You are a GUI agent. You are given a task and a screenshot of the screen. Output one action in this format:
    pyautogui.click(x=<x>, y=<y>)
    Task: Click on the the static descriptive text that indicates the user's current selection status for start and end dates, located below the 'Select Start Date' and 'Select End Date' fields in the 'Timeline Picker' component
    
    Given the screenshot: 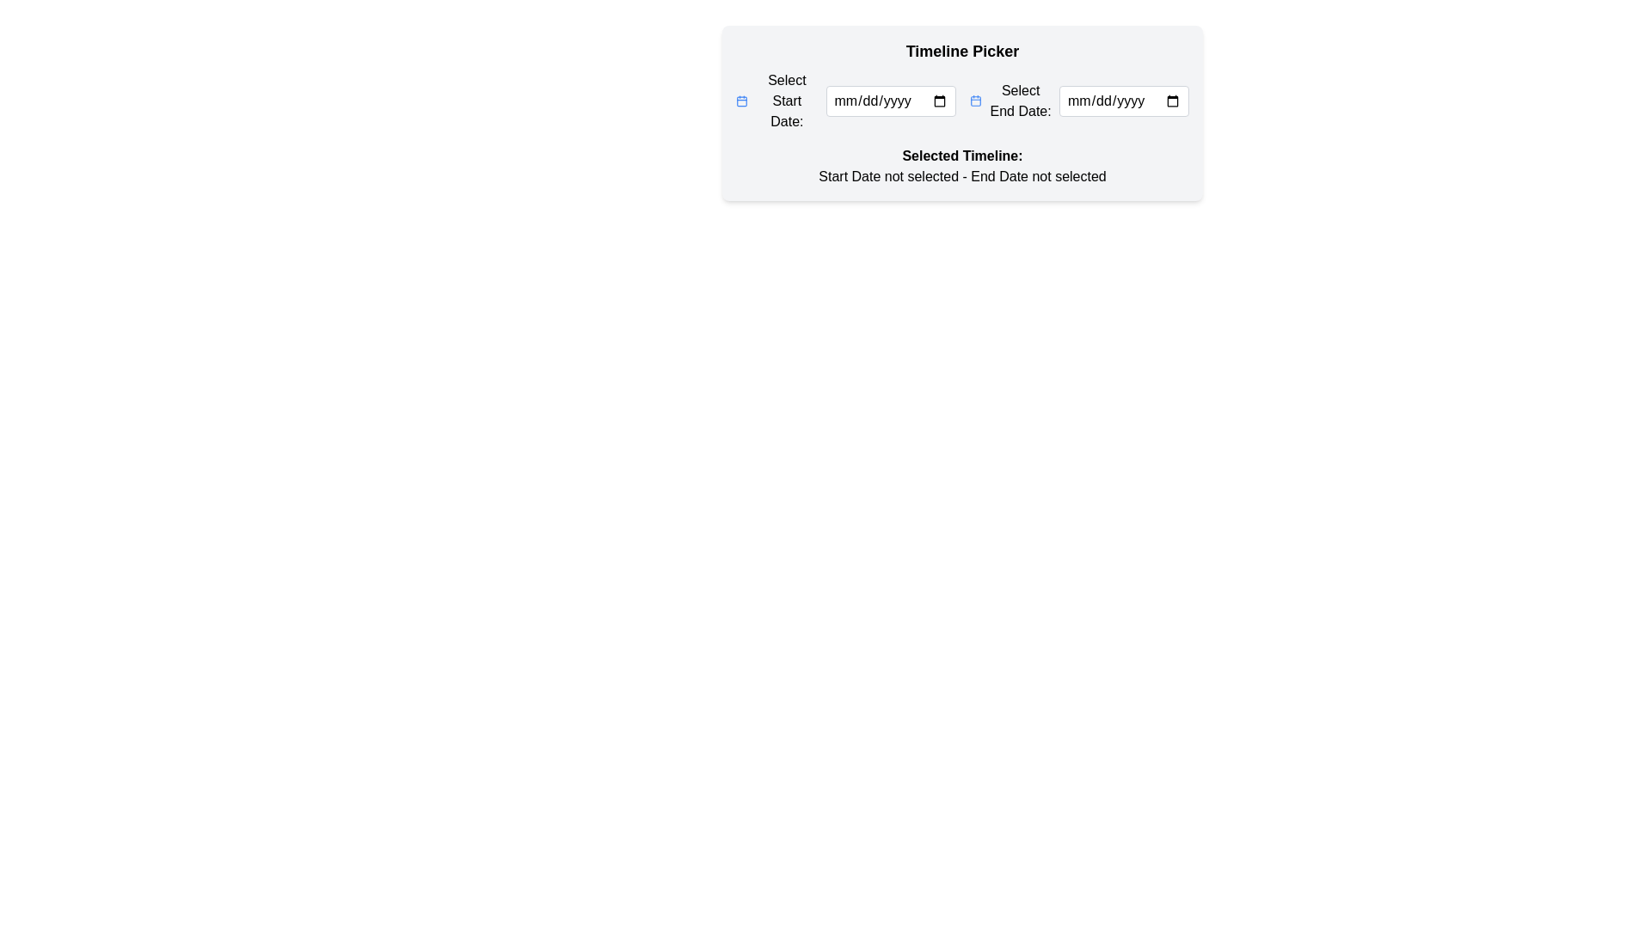 What is the action you would take?
    pyautogui.click(x=961, y=166)
    